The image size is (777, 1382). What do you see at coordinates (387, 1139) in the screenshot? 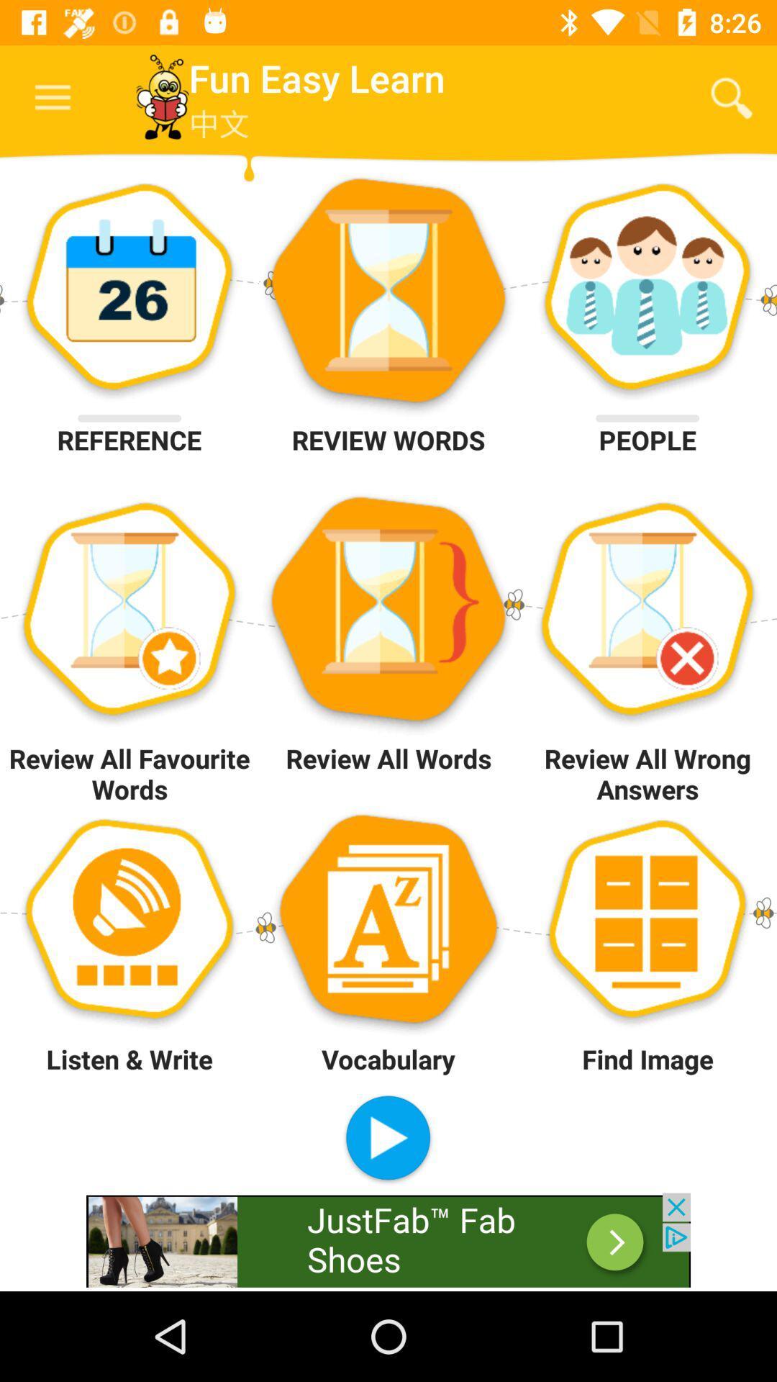
I see `the play icon` at bounding box center [387, 1139].